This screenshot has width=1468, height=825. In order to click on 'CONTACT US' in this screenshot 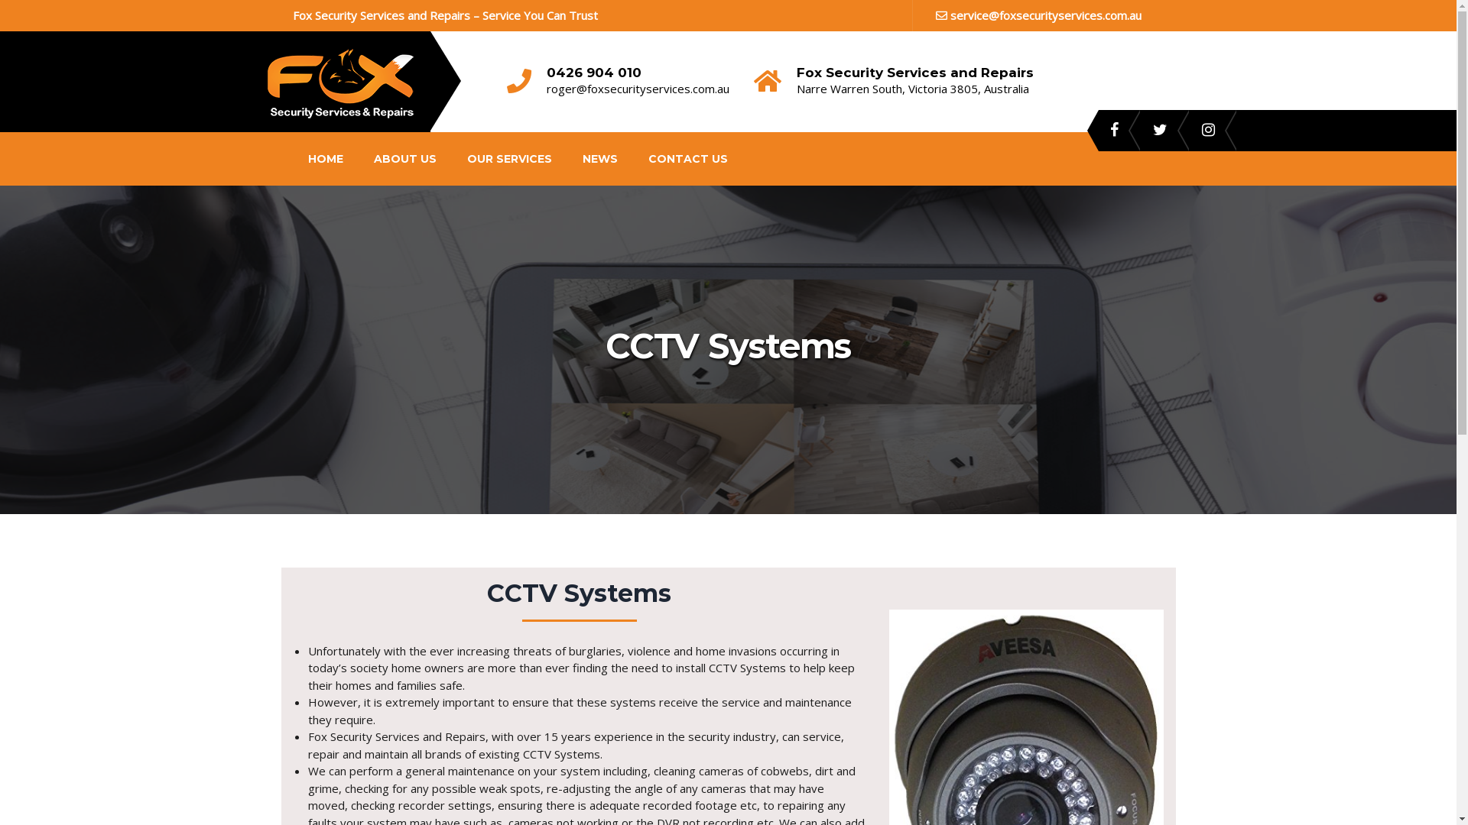, I will do `click(687, 157)`.